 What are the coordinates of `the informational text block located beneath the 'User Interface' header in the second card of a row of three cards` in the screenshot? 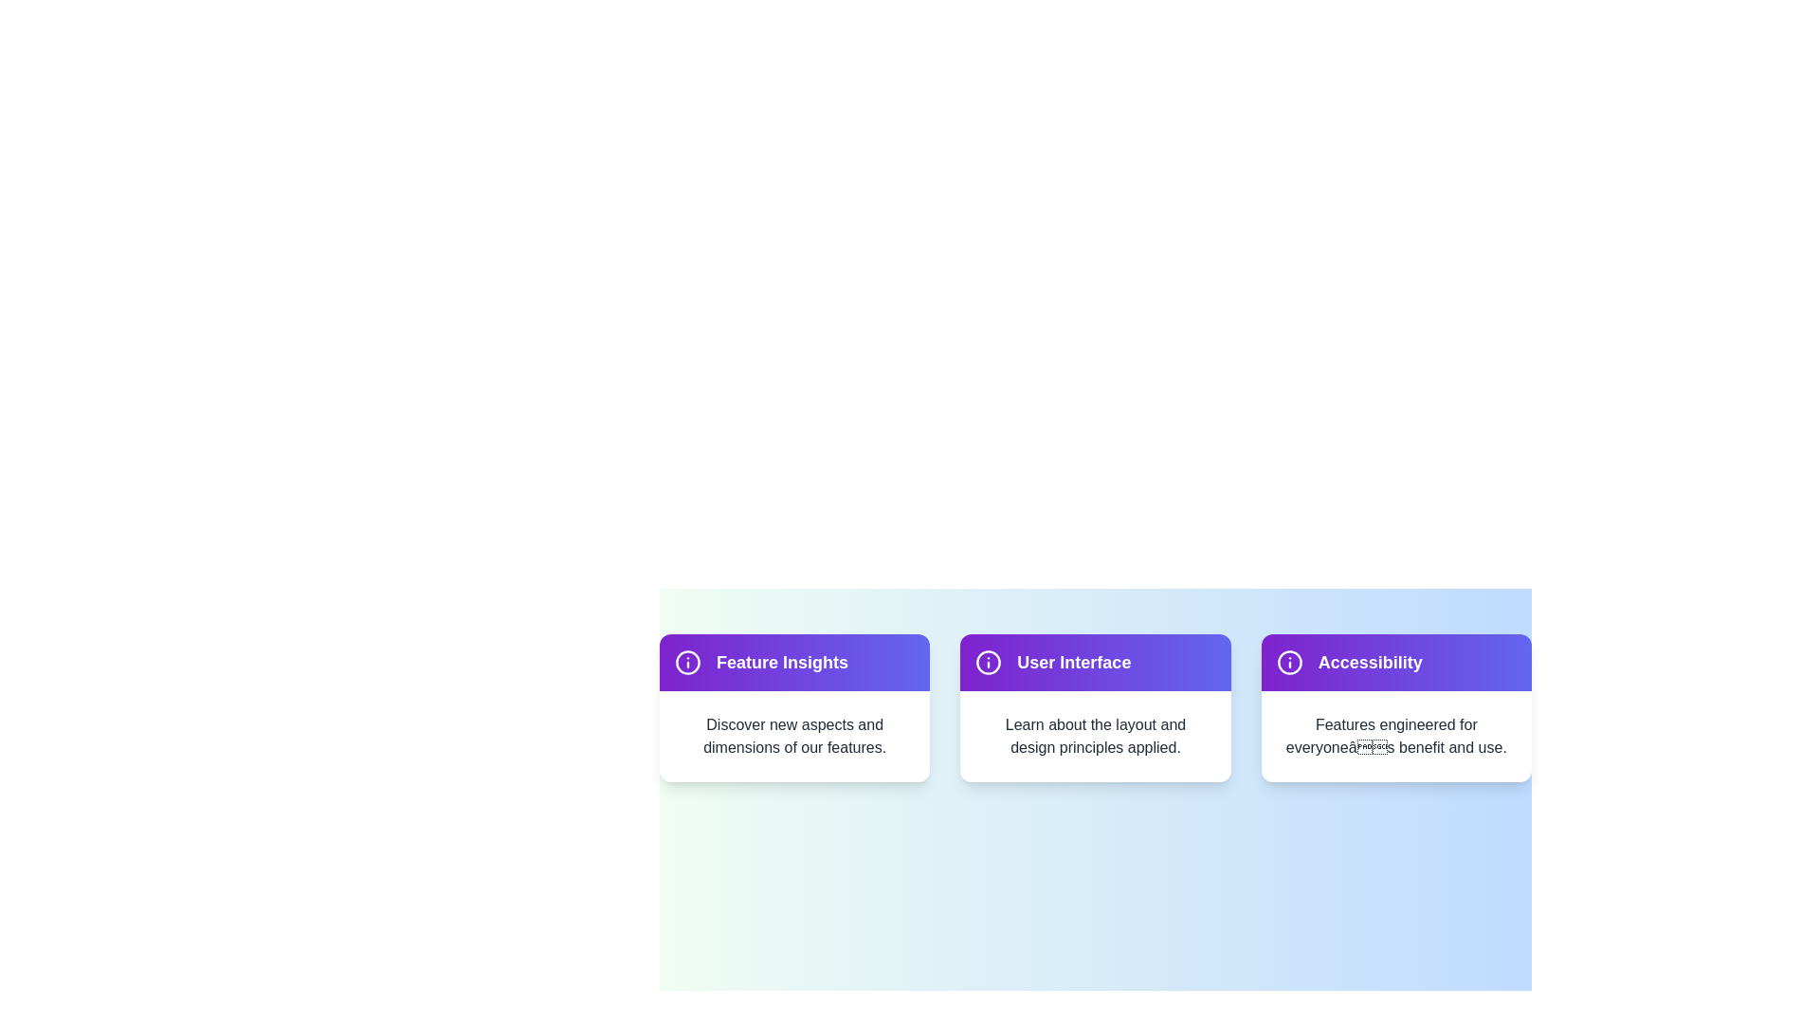 It's located at (1096, 735).